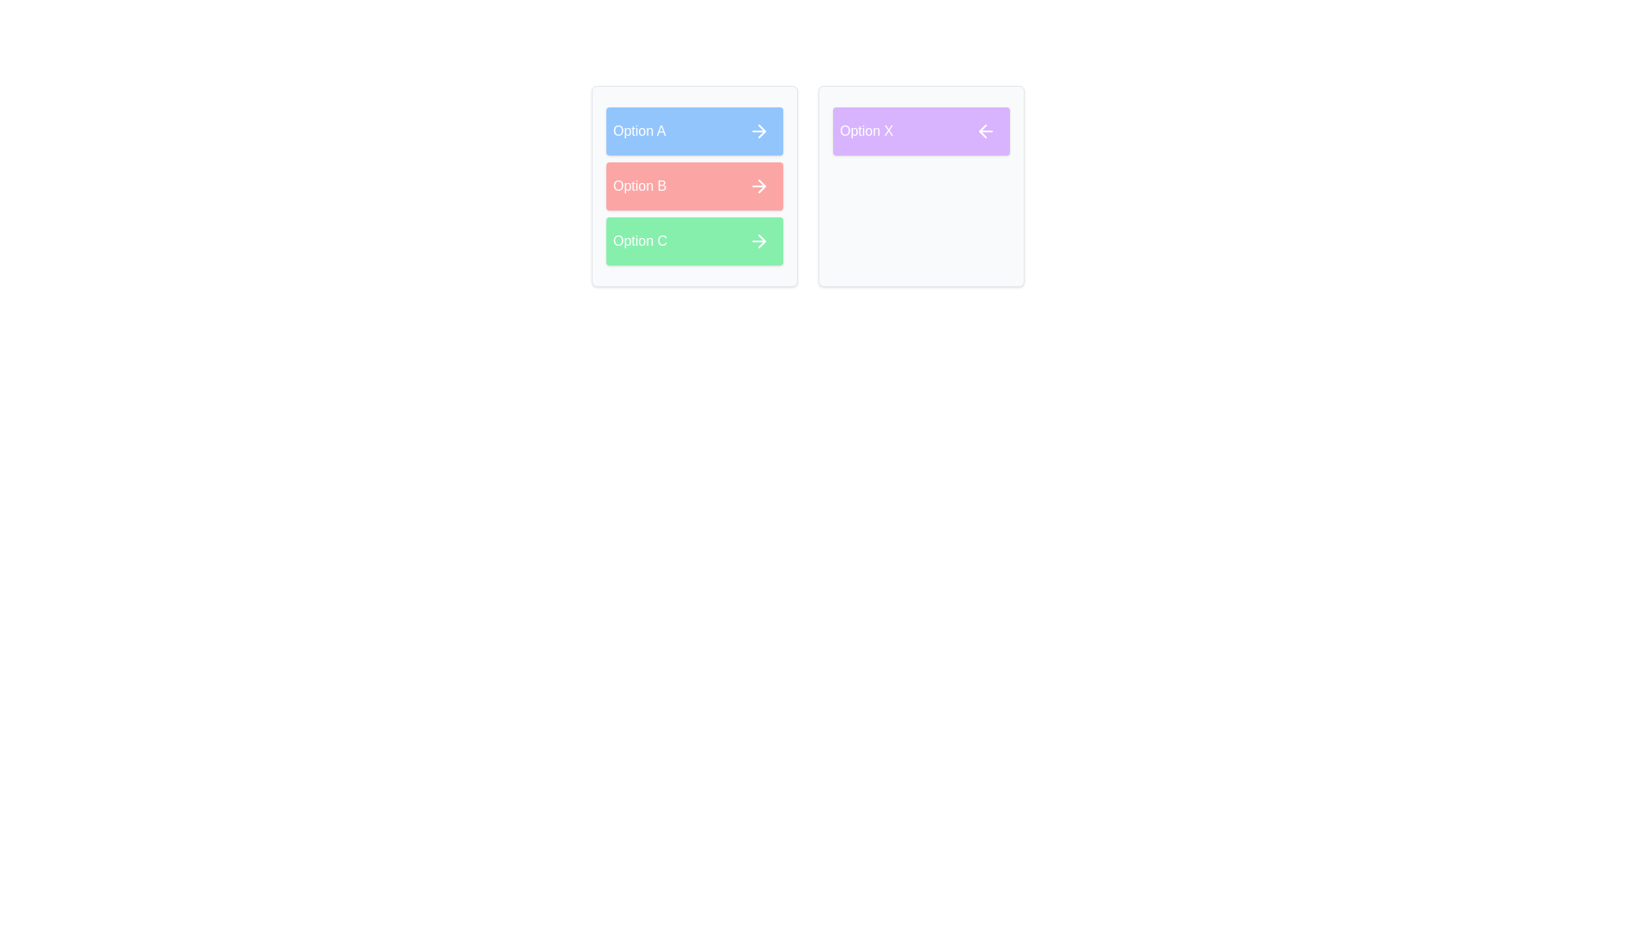 This screenshot has height=928, width=1649. What do you see at coordinates (758, 186) in the screenshot?
I see `'Move to Right' button for the item Option B in the source list` at bounding box center [758, 186].